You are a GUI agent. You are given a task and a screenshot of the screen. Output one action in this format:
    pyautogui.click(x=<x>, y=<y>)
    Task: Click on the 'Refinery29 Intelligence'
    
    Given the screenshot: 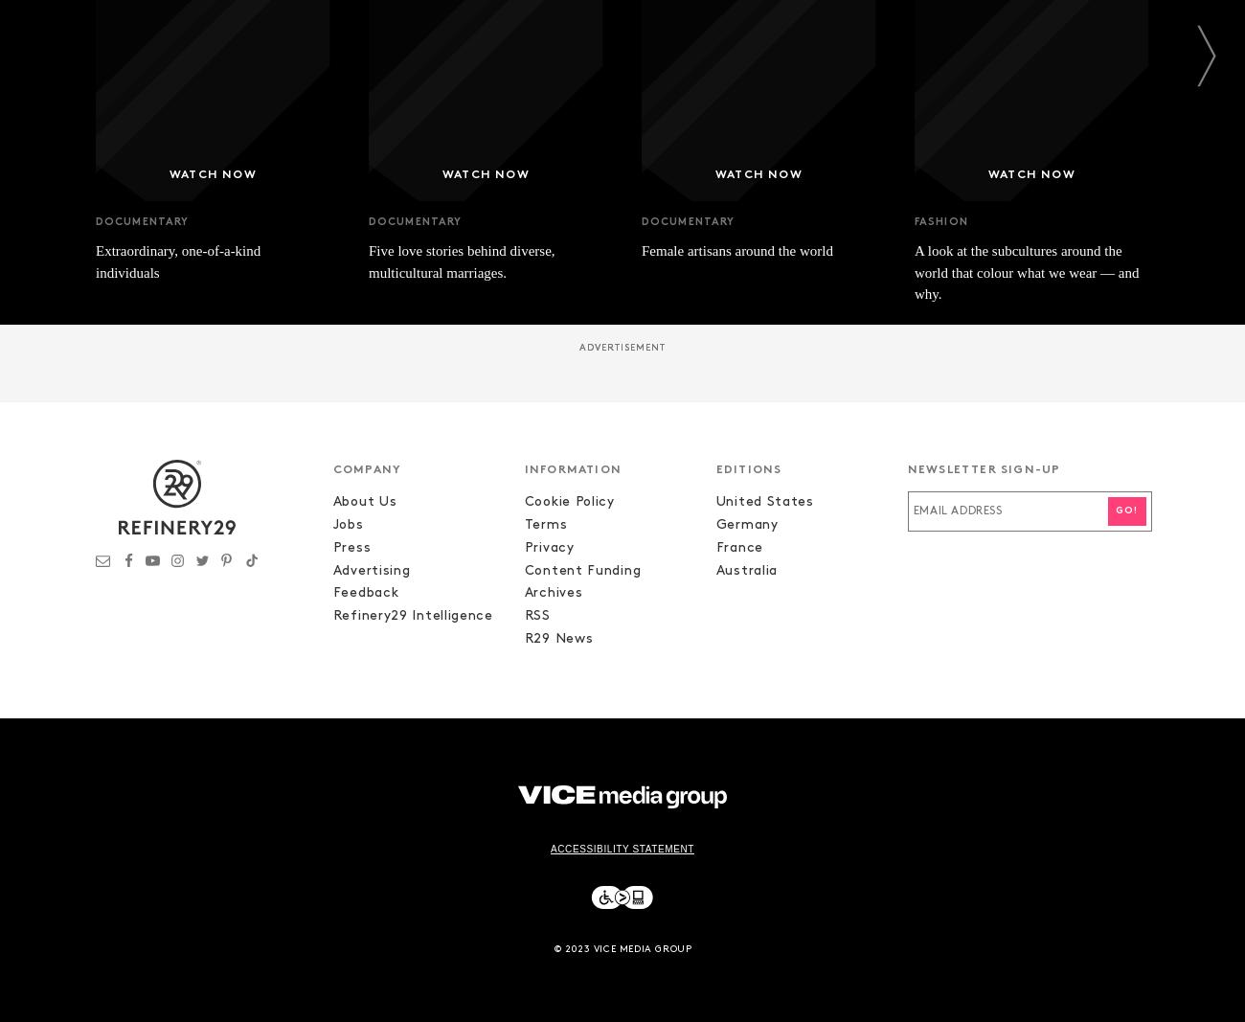 What is the action you would take?
    pyautogui.click(x=412, y=616)
    